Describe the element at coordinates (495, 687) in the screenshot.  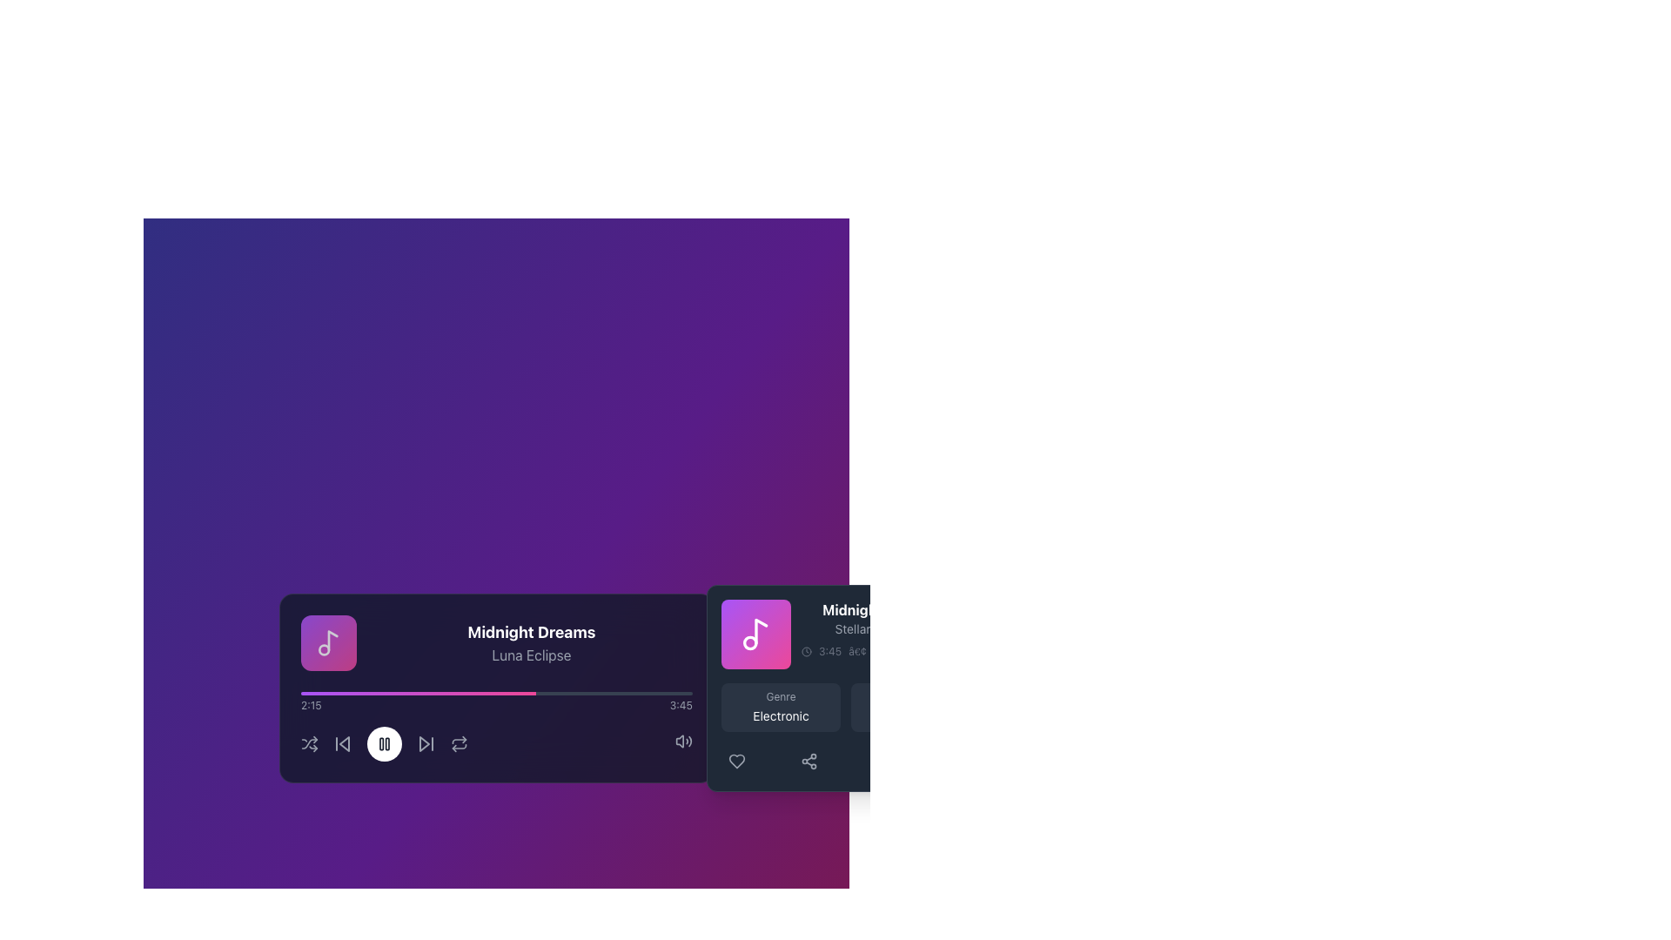
I see `the interactive music player widget located at the center of the interface` at that location.